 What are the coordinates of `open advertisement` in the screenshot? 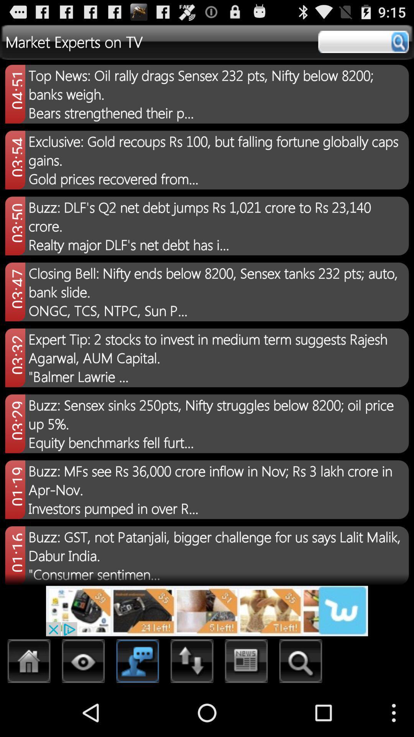 It's located at (207, 610).